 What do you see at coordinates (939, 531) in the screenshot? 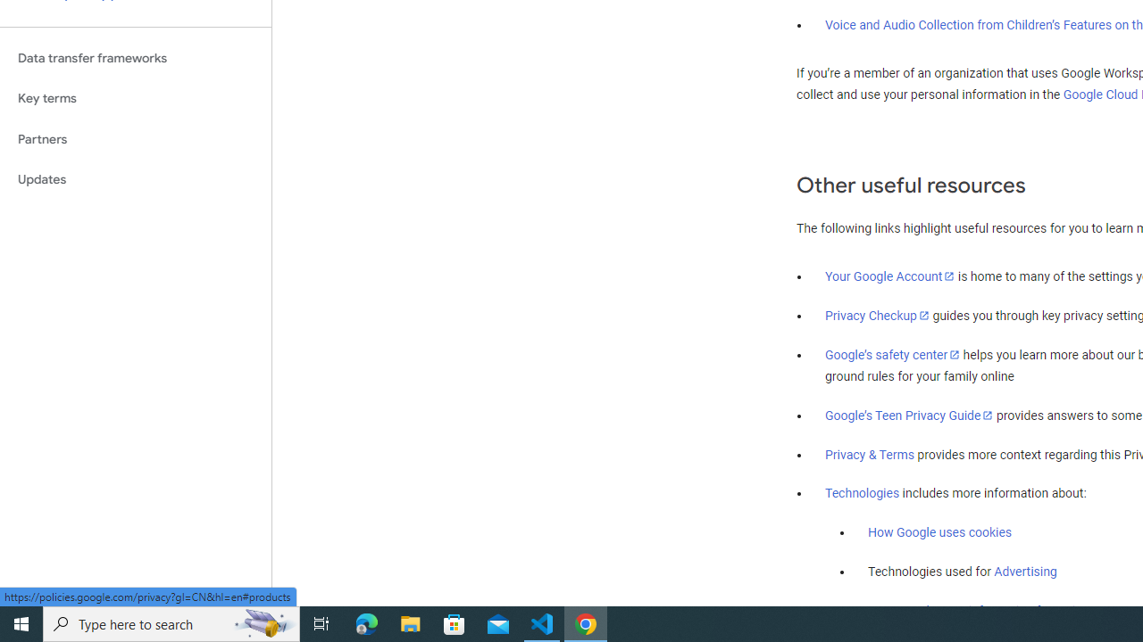
I see `'How Google uses cookies'` at bounding box center [939, 531].